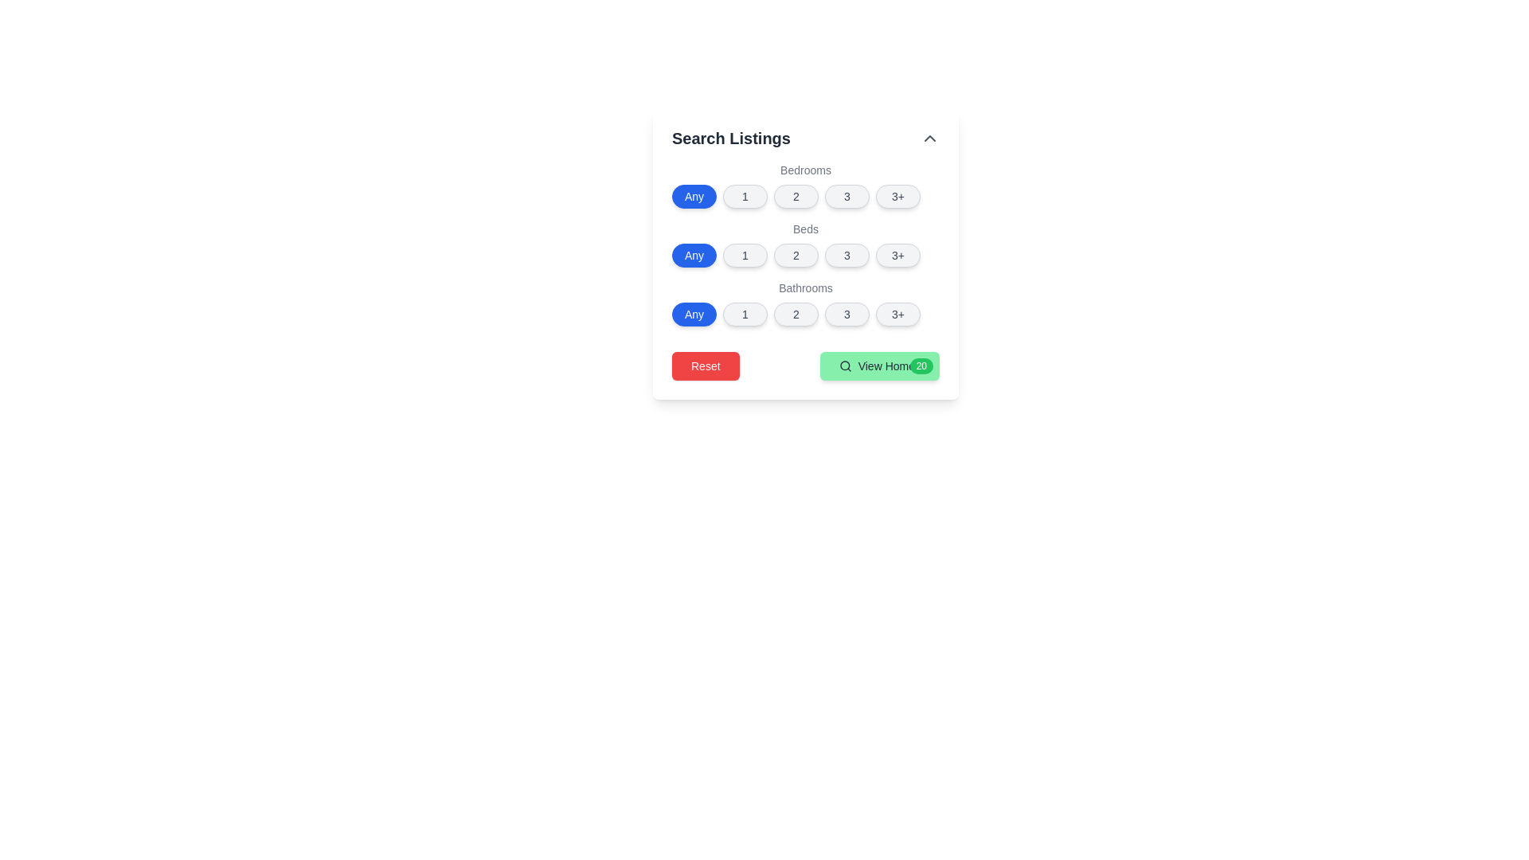  Describe the element at coordinates (843, 365) in the screenshot. I see `the circular Decorative SVG element that is part of the search icon, located within the magnifying glass graphic to the left of the 'View Home' button` at that location.